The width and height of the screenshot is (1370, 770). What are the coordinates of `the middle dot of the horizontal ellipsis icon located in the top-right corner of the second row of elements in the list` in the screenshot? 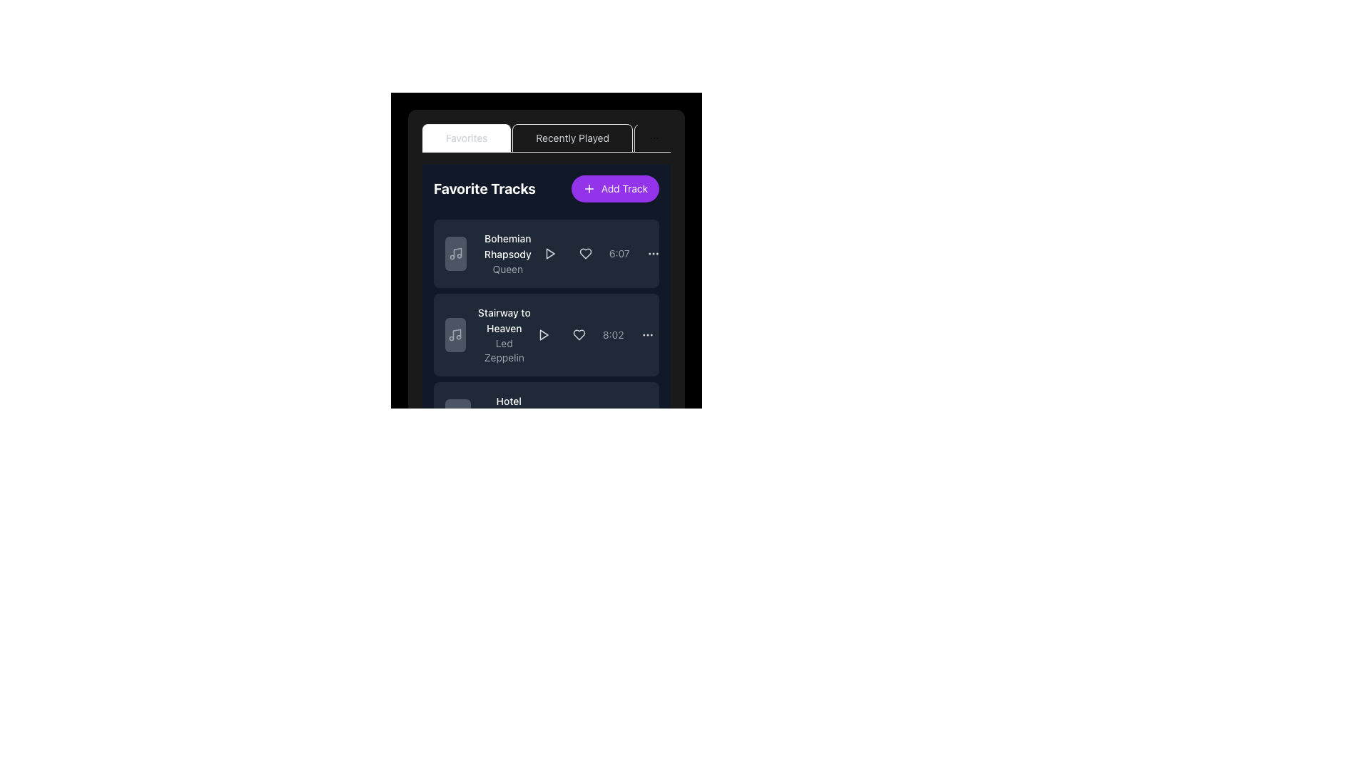 It's located at (646, 335).